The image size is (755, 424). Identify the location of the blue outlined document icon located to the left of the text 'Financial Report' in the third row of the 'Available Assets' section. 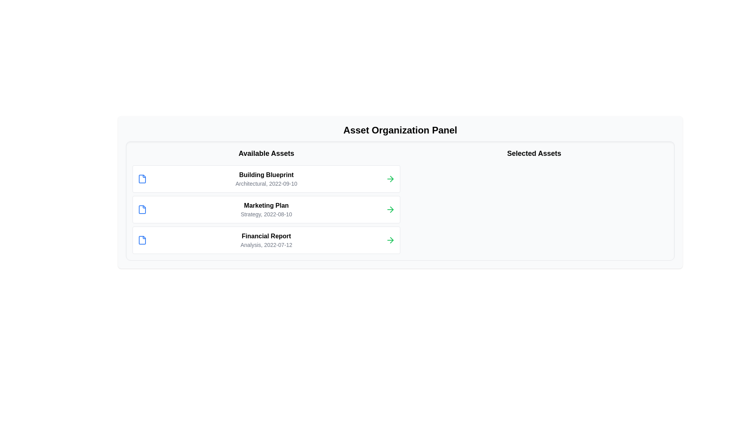
(142, 240).